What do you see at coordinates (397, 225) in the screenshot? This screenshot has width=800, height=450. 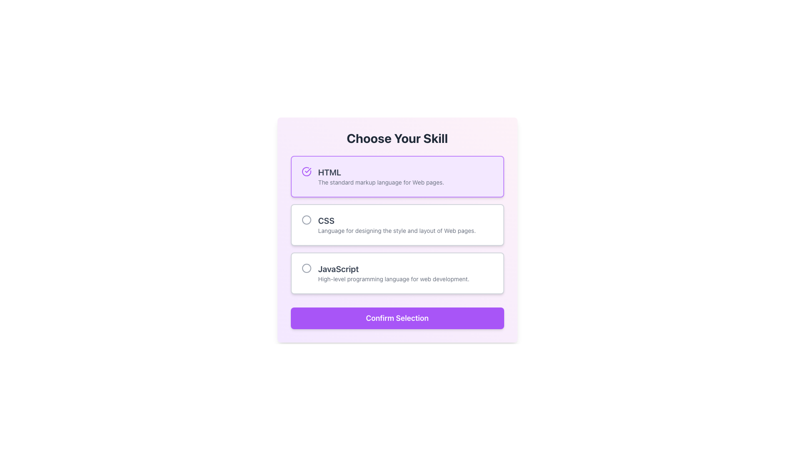 I see `the radio button within the second card titled 'CSS' for keyboard navigation` at bounding box center [397, 225].